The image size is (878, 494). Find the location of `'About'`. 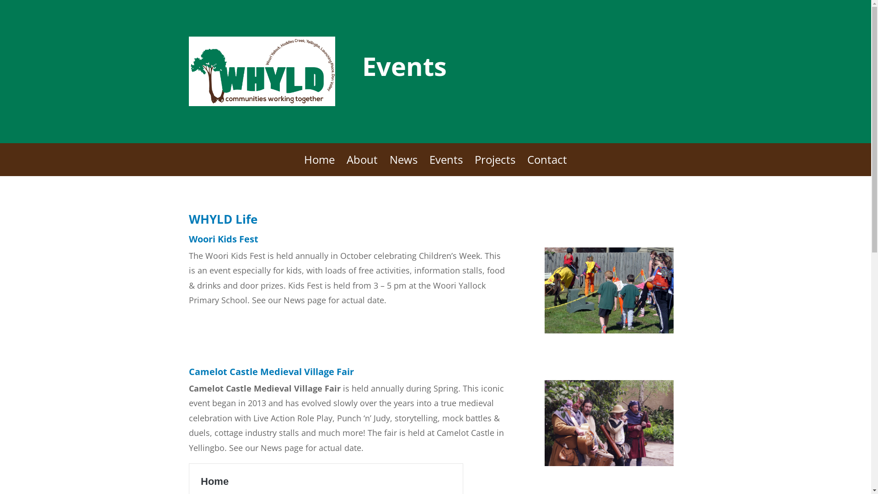

'About' is located at coordinates (362, 166).